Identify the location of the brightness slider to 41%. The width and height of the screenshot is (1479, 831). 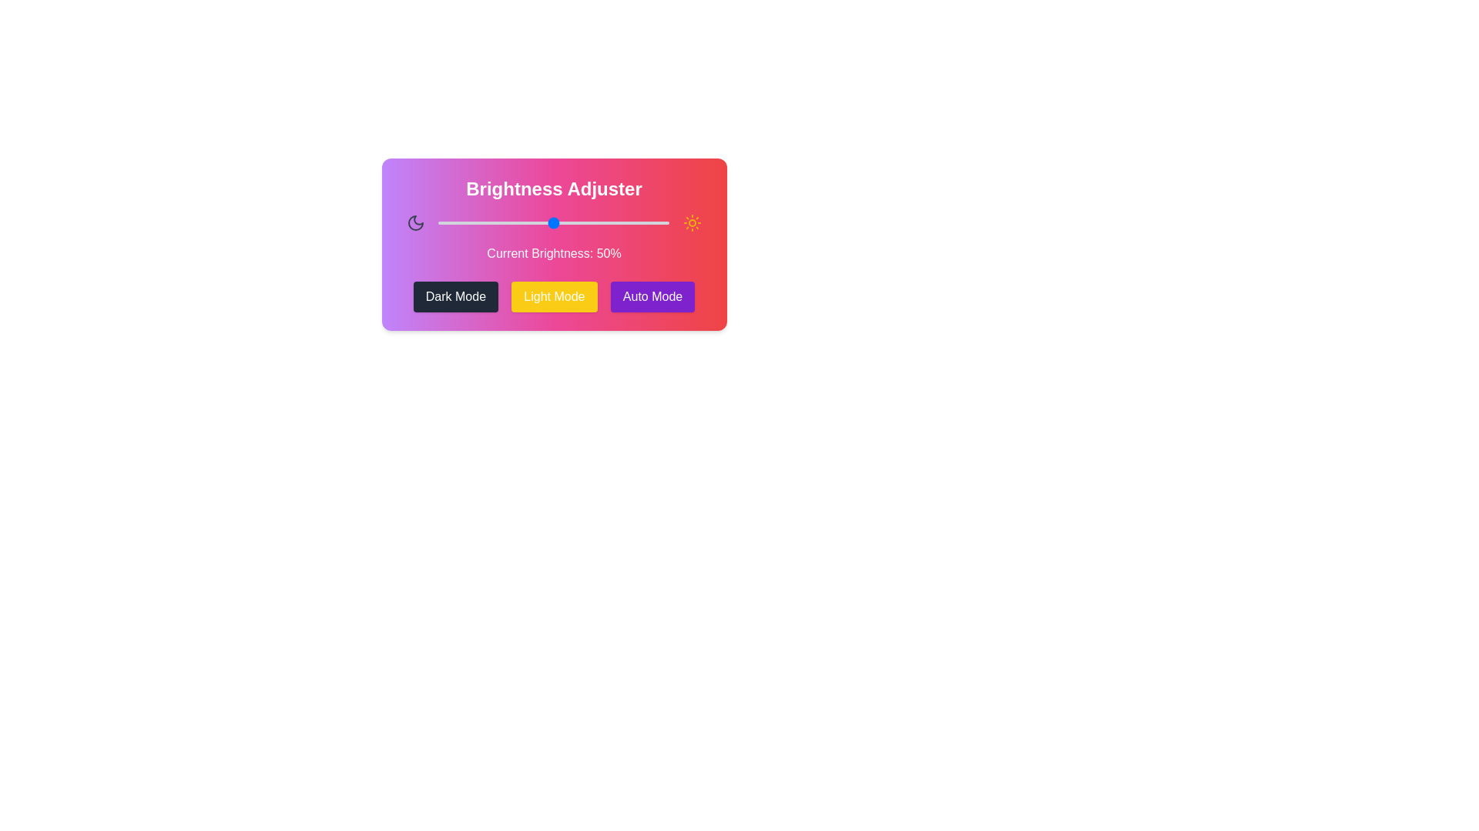
(532, 222).